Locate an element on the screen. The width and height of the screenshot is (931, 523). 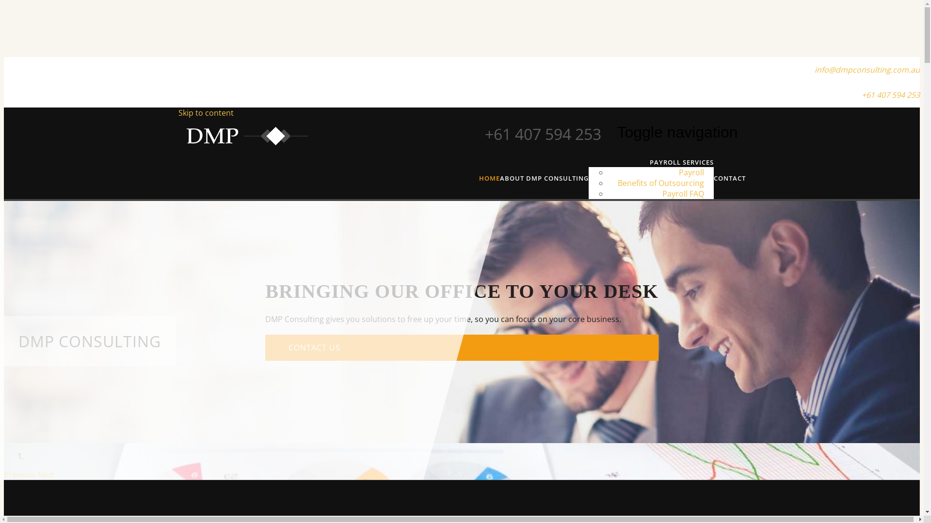
'Toggle navigation' is located at coordinates (676, 132).